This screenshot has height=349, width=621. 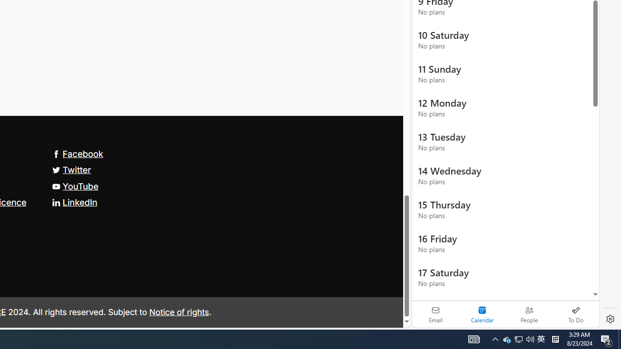 What do you see at coordinates (528, 314) in the screenshot?
I see `'People'` at bounding box center [528, 314].